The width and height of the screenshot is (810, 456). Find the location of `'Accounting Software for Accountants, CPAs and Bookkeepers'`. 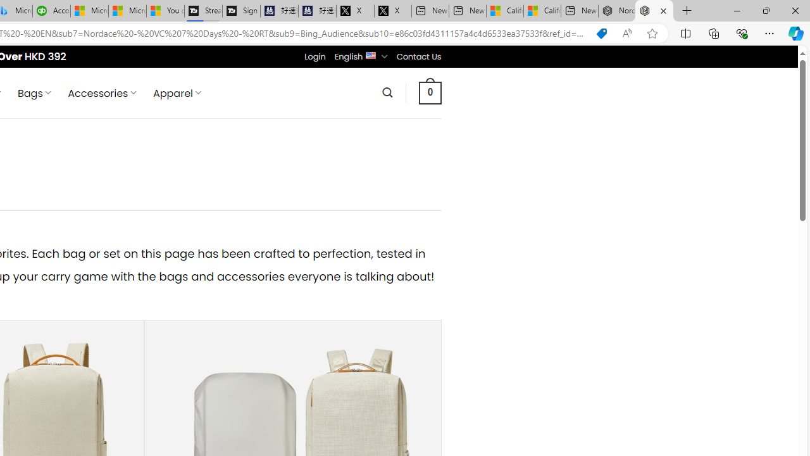

'Accounting Software for Accountants, CPAs and Bookkeepers' is located at coordinates (51, 11).